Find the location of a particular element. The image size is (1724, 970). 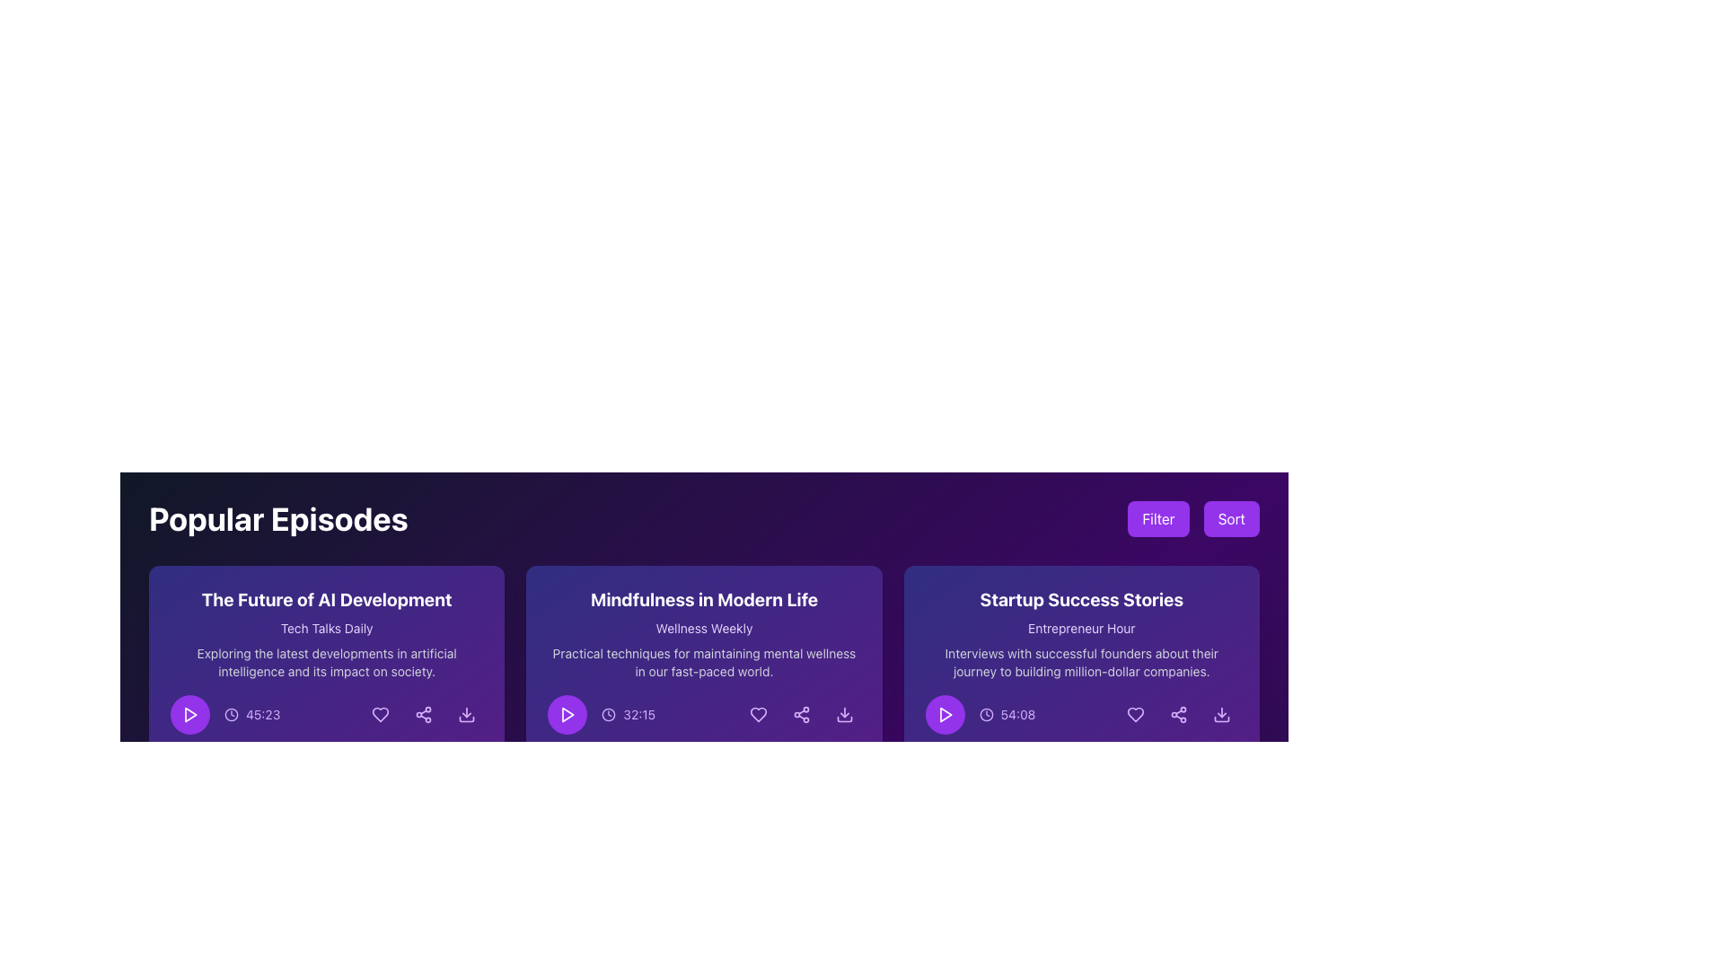

the heart icon button located below 'The Future of AI Development' section within the first card of the horizontal list of cards to mark the content as preferred is located at coordinates (380, 713).